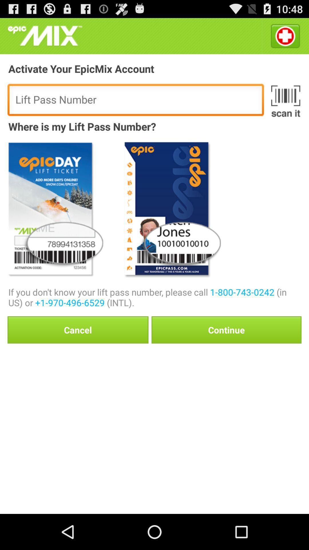 The height and width of the screenshot is (550, 309). What do you see at coordinates (78, 330) in the screenshot?
I see `button to the left of continue` at bounding box center [78, 330].